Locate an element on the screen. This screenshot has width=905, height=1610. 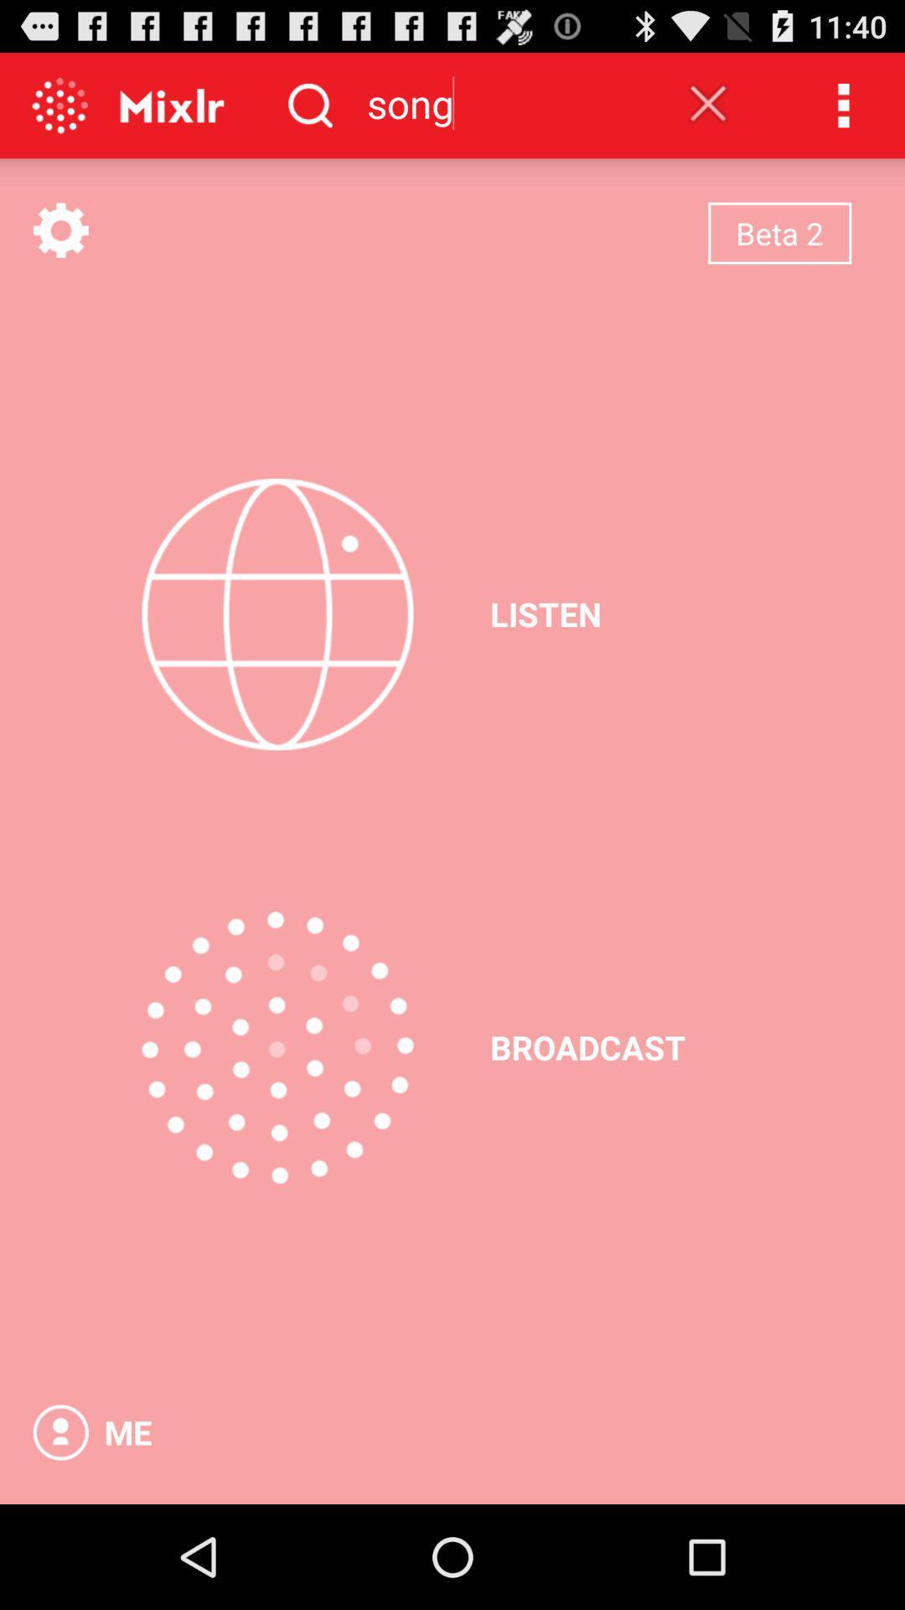
the icon next to listen icon is located at coordinates (277, 613).